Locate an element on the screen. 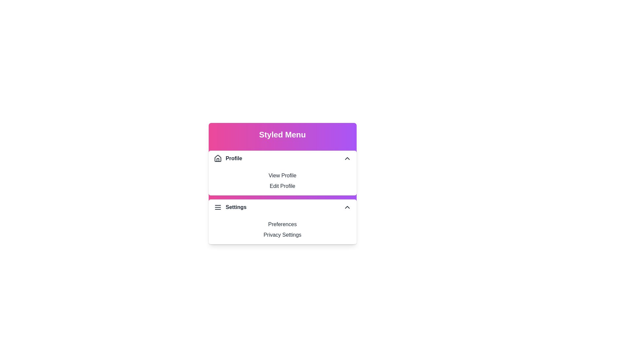 This screenshot has height=356, width=634. the menu option Preferences from the StyledMenu is located at coordinates (282, 224).